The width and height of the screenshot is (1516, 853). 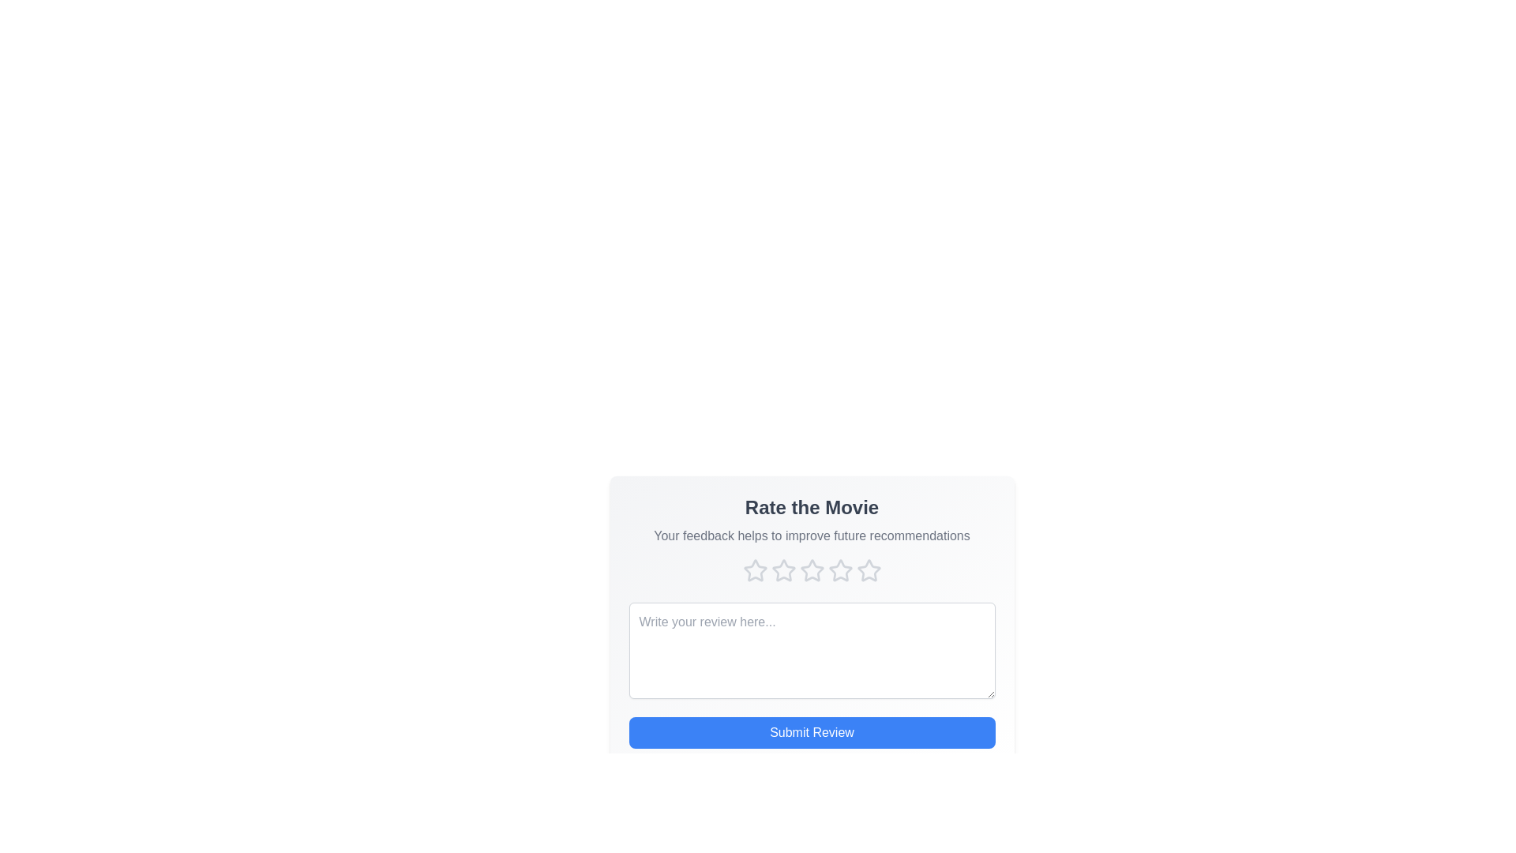 What do you see at coordinates (839, 570) in the screenshot?
I see `the fourth star icon in the rating system, which allows users to rate an entity` at bounding box center [839, 570].